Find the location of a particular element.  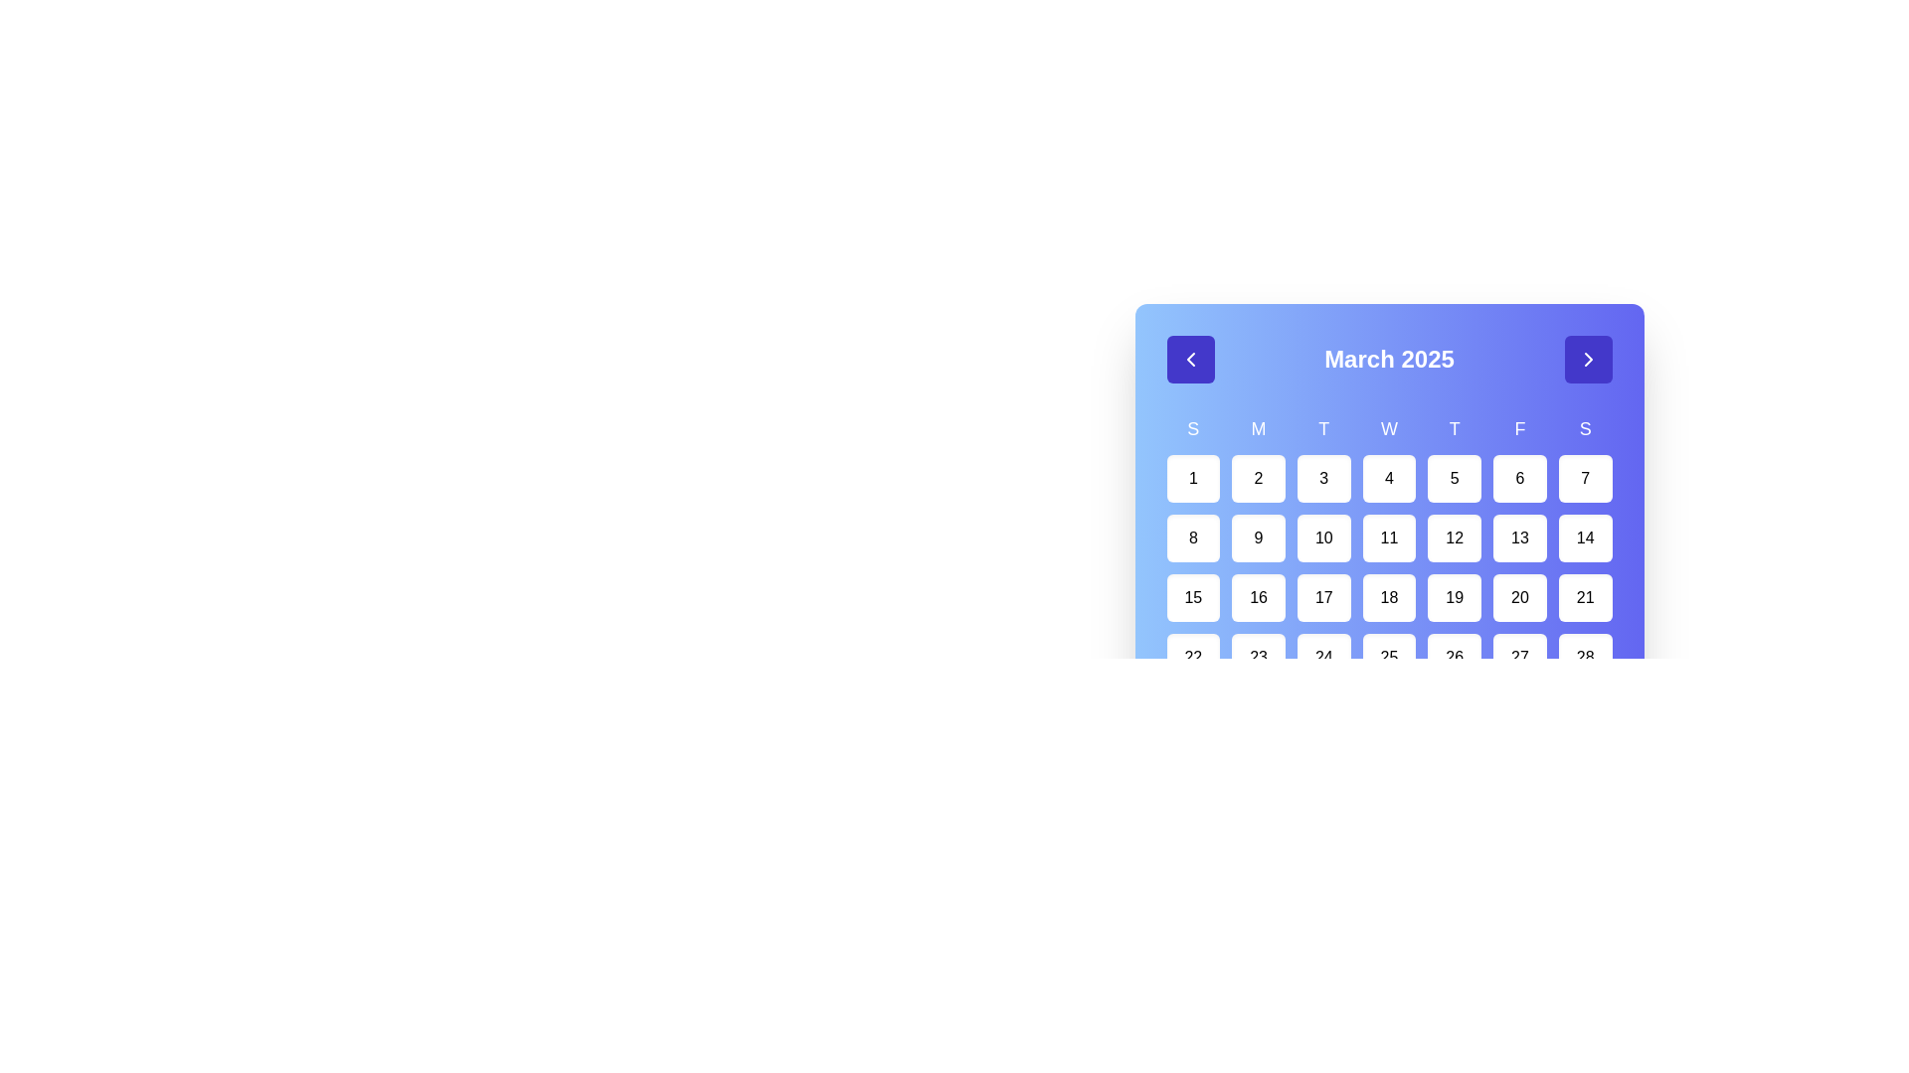

the button representing the fourth day in the calendar grid, located under 'W' is located at coordinates (1388, 479).